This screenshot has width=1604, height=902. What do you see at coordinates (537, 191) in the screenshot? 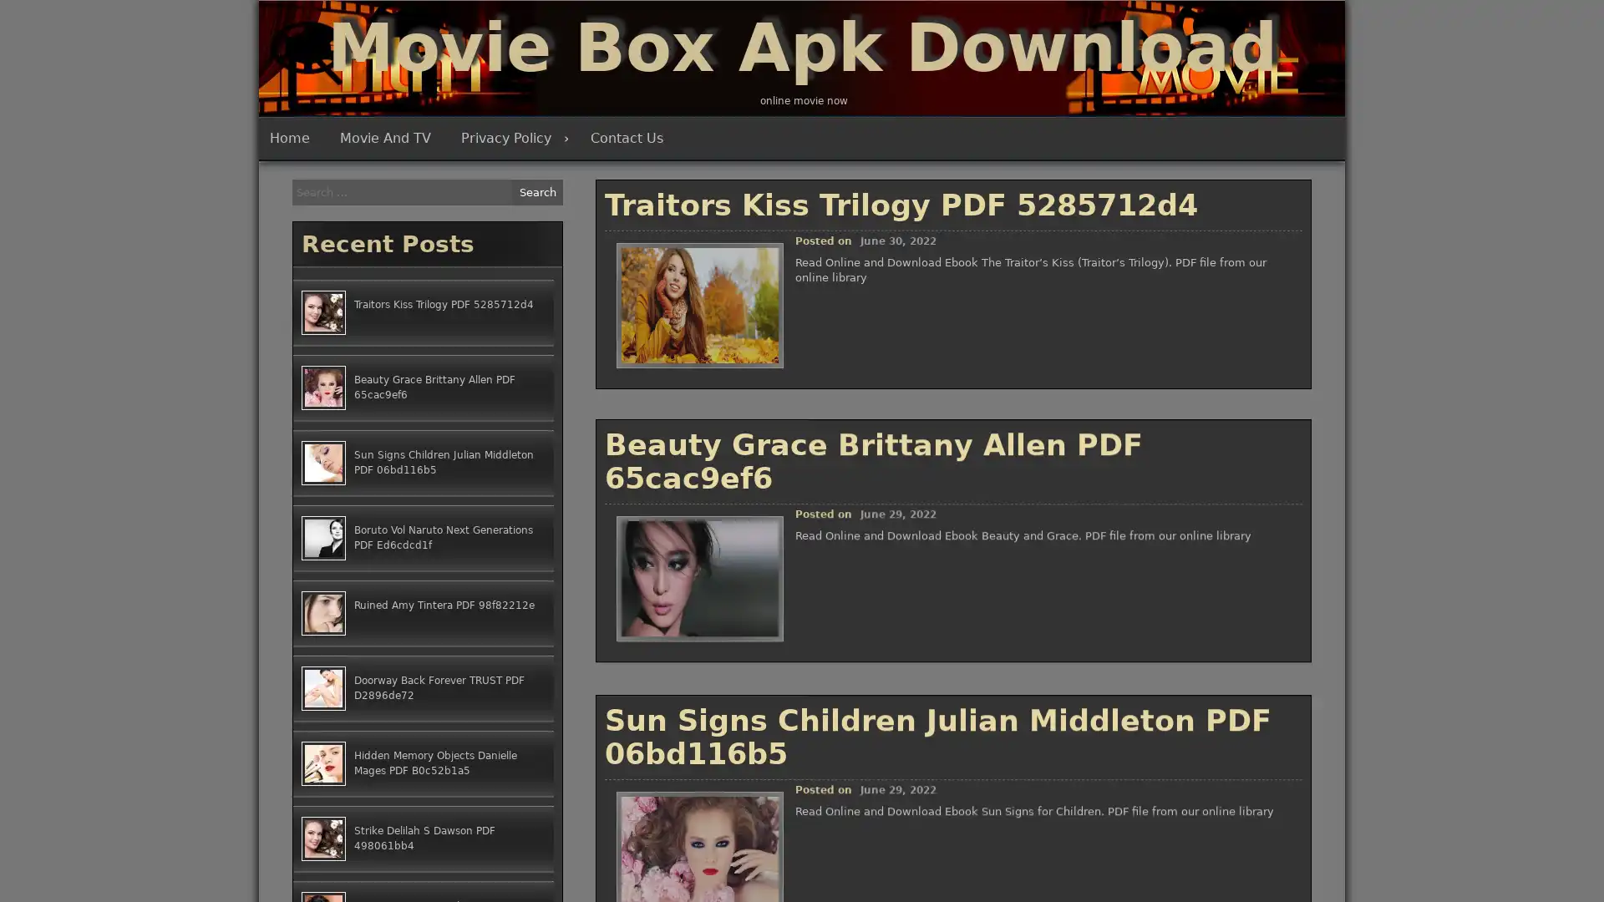
I see `Search` at bounding box center [537, 191].